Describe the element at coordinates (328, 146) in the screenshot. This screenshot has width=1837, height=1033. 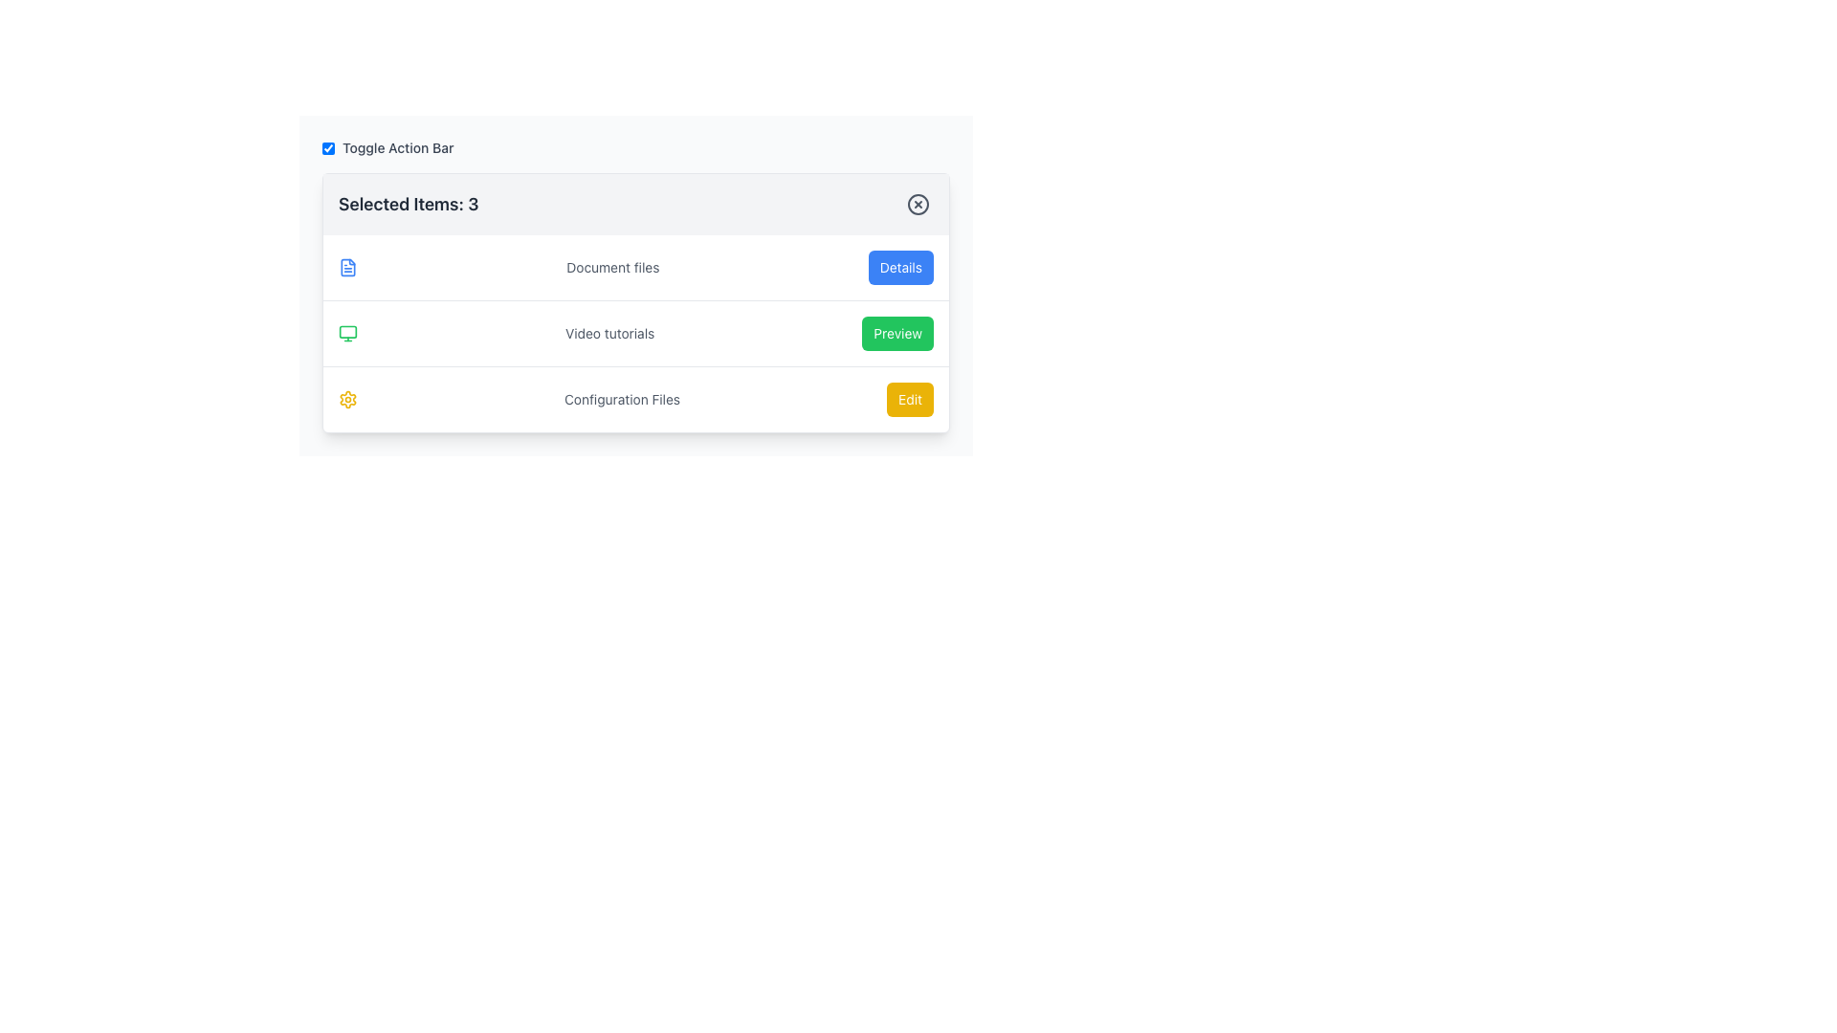
I see `the checkbox styled with a blue color theme that is selected, located next to the label 'Toggle Action Bar', to change its appearance` at that location.